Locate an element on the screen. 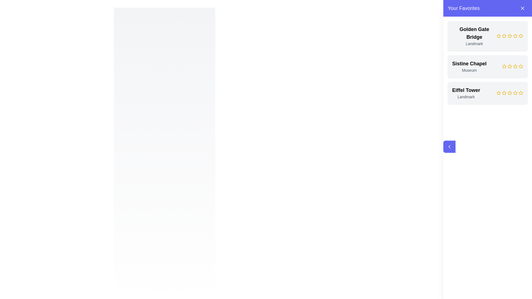 This screenshot has height=299, width=532. the first yellow rating star icon in the rating widget located to the right of the text 'Eiffel Tower' in the 'Your Favorites' list is located at coordinates (504, 92).